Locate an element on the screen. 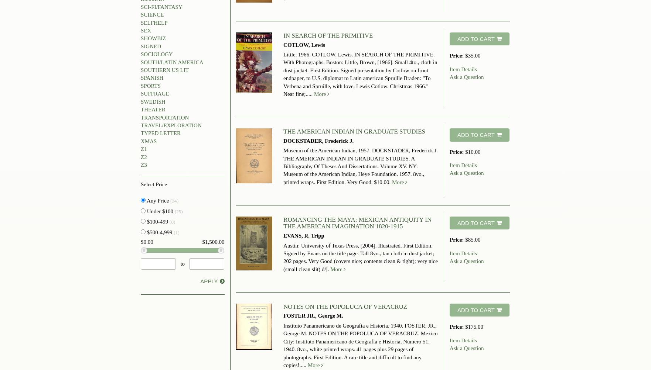 This screenshot has height=370, width=651. 'Museum of the American Indian, 1957.' is located at coordinates (327, 151).